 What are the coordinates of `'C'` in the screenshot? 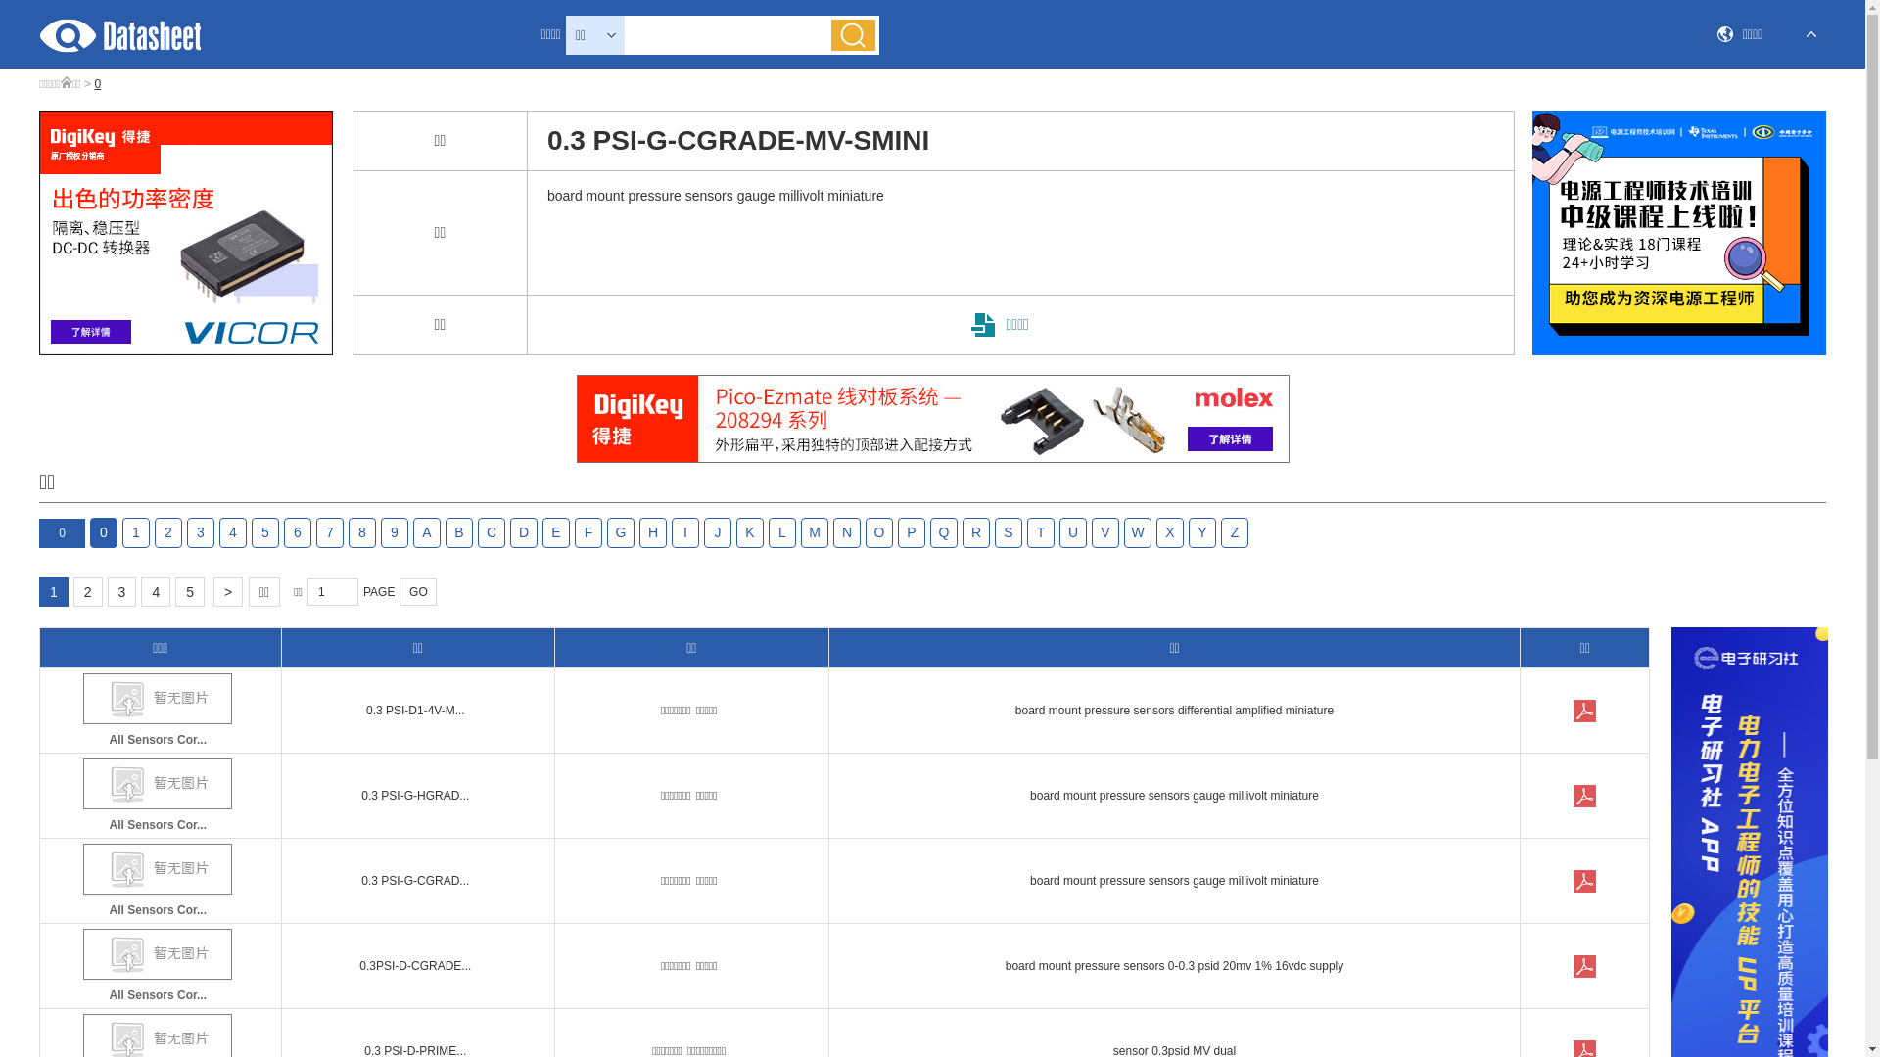 It's located at (478, 532).